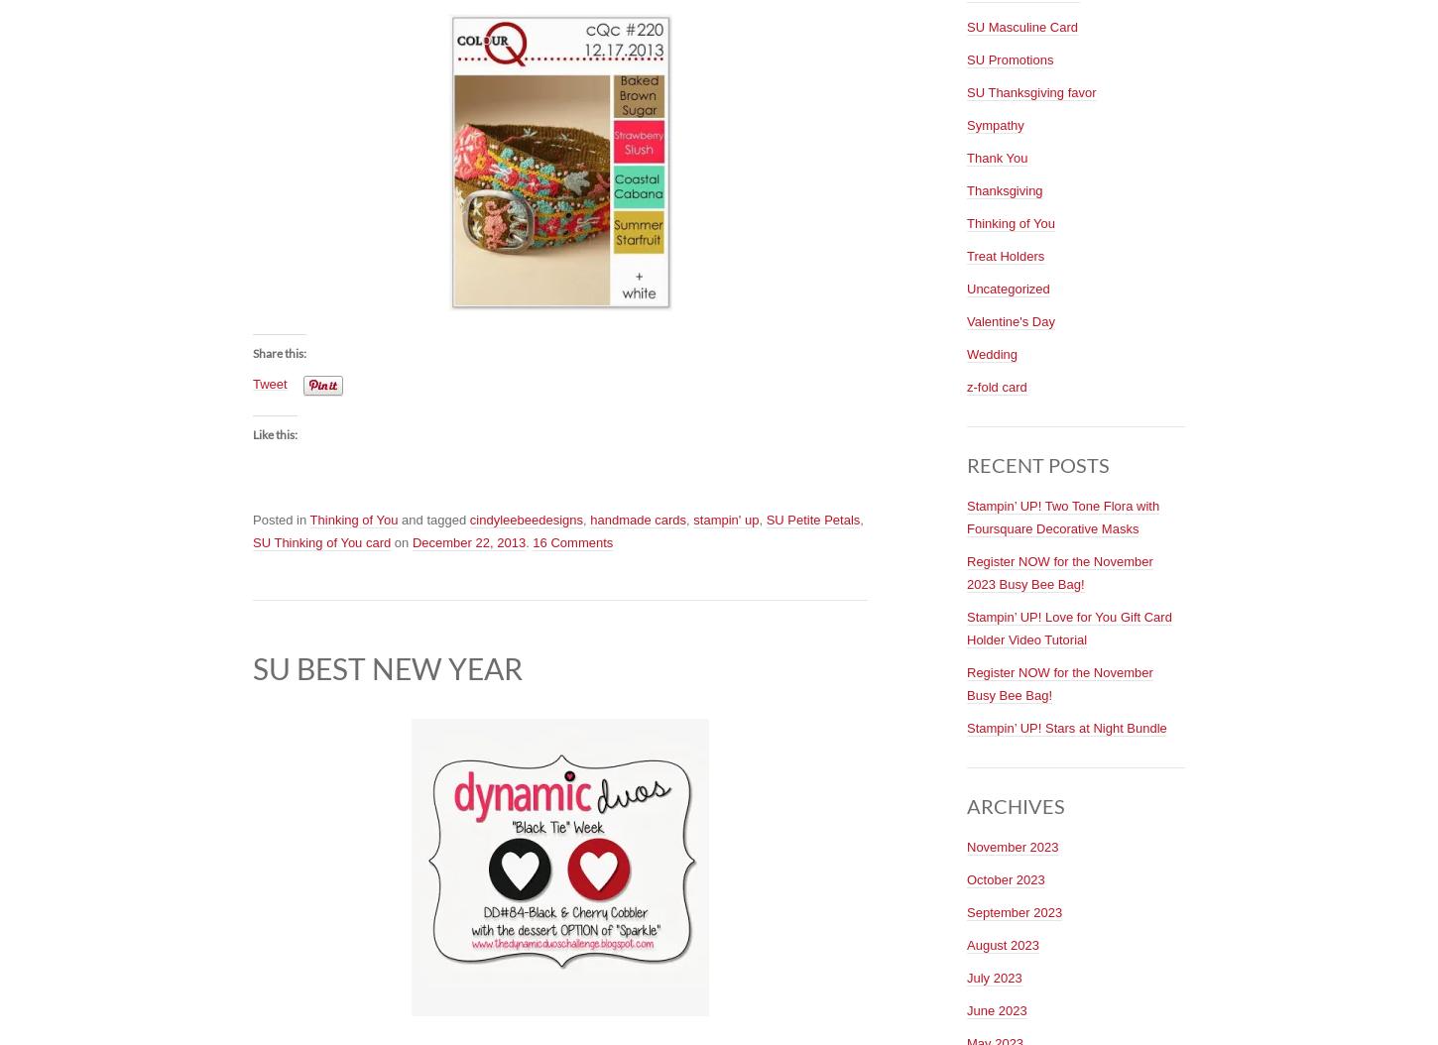 The width and height of the screenshot is (1438, 1045). What do you see at coordinates (1016, 804) in the screenshot?
I see `'Archives'` at bounding box center [1016, 804].